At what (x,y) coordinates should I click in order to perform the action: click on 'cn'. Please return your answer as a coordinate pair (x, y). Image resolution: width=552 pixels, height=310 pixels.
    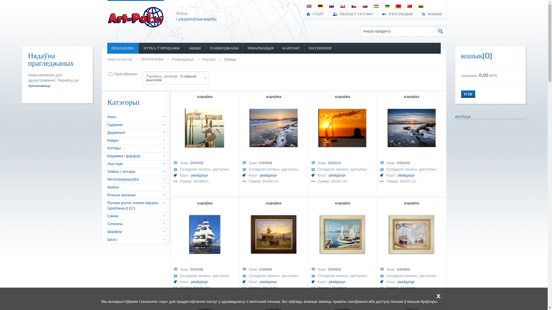
    Looking at the image, I should click on (409, 6).